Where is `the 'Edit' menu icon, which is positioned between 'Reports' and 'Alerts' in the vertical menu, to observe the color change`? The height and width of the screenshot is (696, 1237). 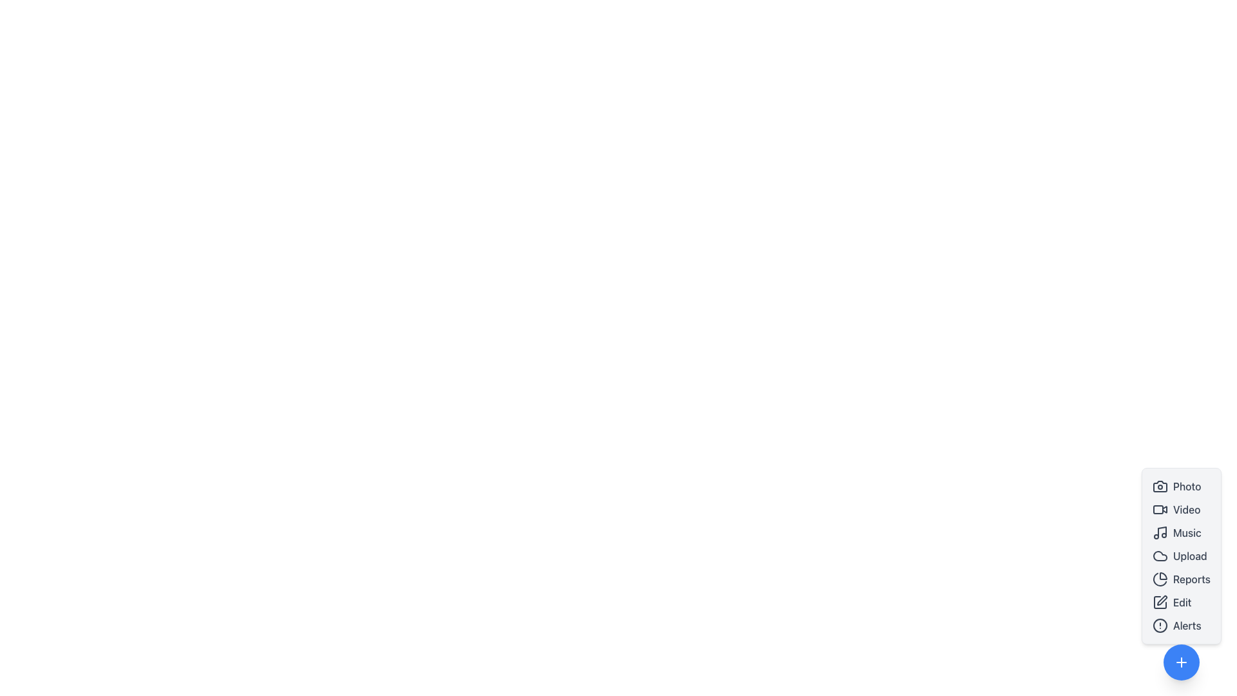
the 'Edit' menu icon, which is positioned between 'Reports' and 'Alerts' in the vertical menu, to observe the color change is located at coordinates (1160, 602).